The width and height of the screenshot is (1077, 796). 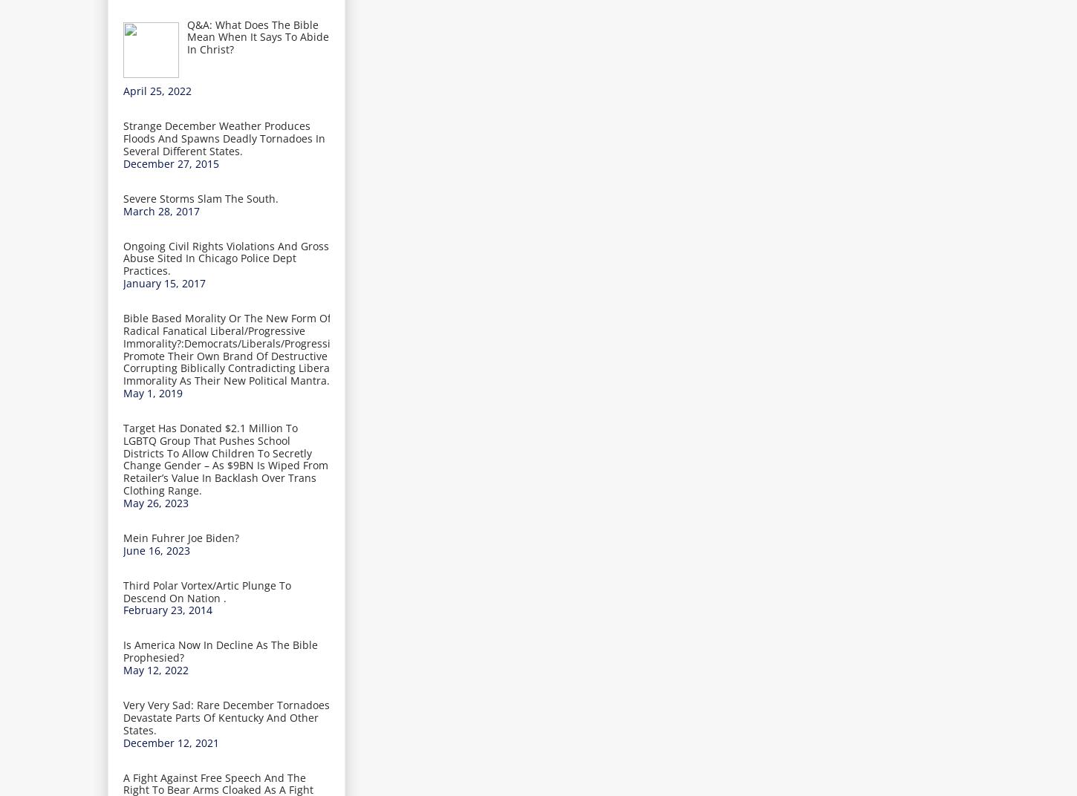 What do you see at coordinates (167, 609) in the screenshot?
I see `'February 23, 2014'` at bounding box center [167, 609].